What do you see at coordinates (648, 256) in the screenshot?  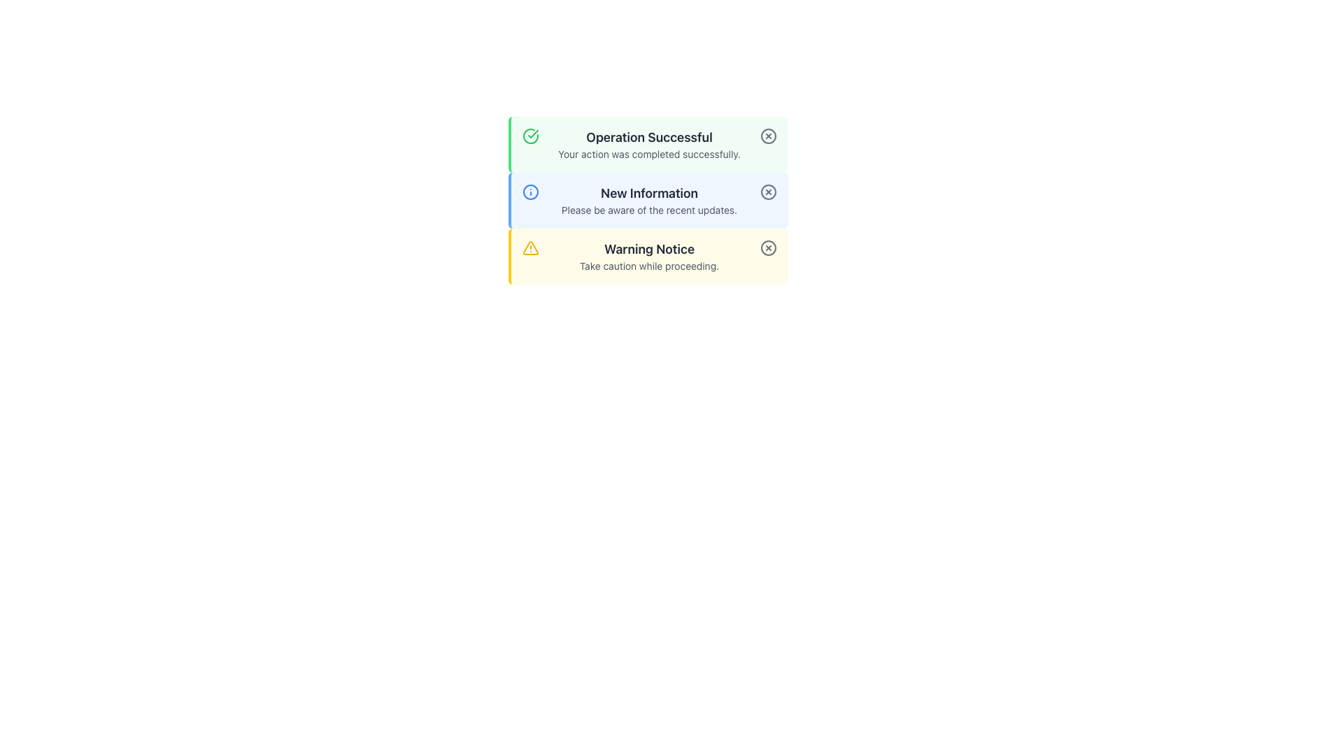 I see `warning message text located in the third card of a vertical stack, positioned beneath the 'New Information' card` at bounding box center [648, 256].